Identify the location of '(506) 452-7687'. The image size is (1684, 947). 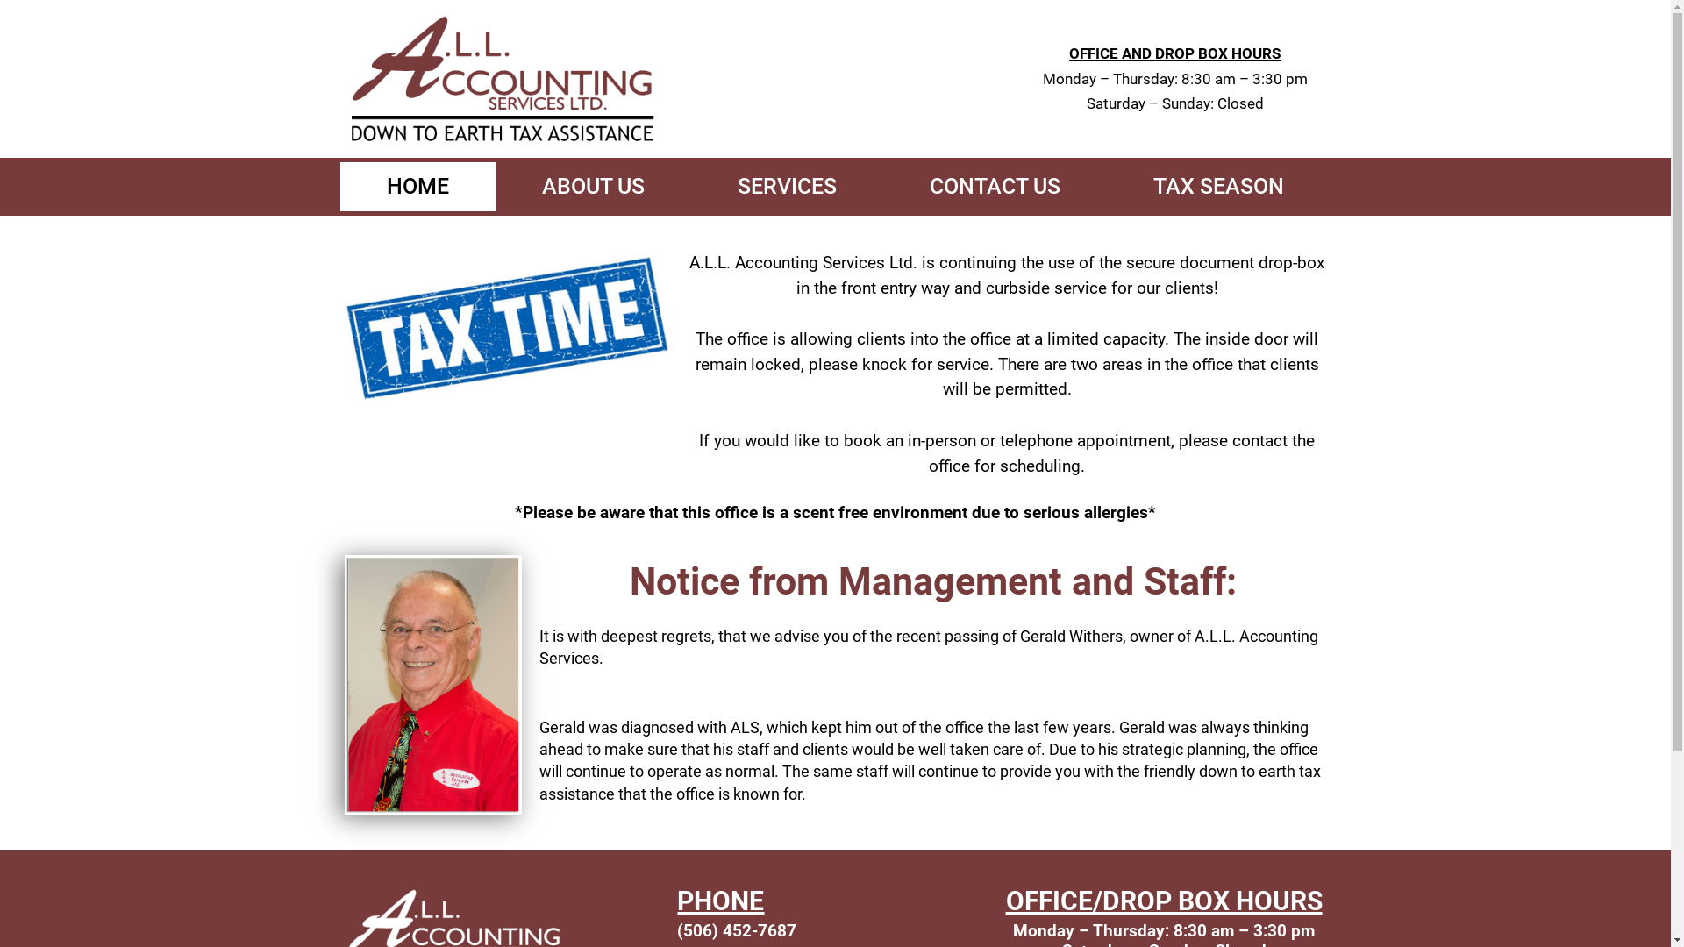
(737, 929).